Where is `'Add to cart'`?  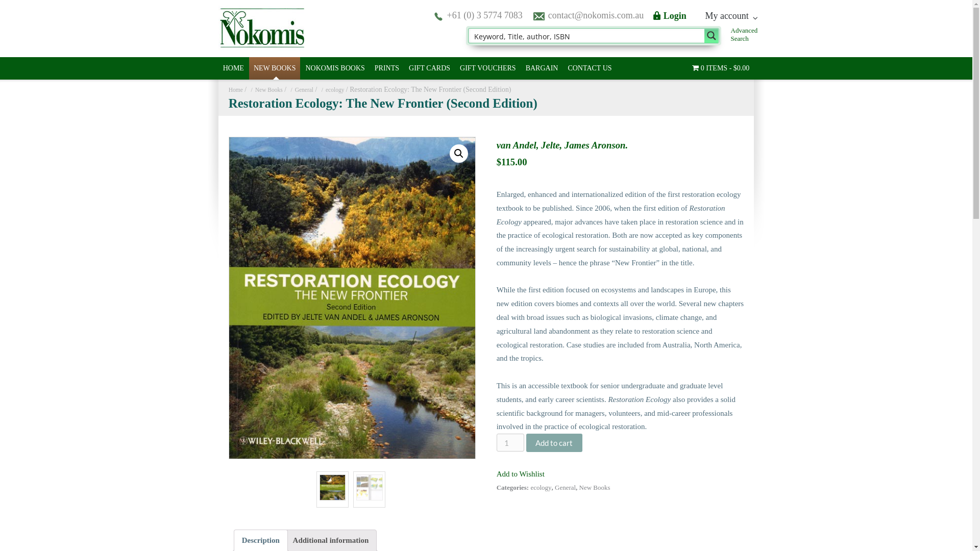 'Add to cart' is located at coordinates (553, 442).